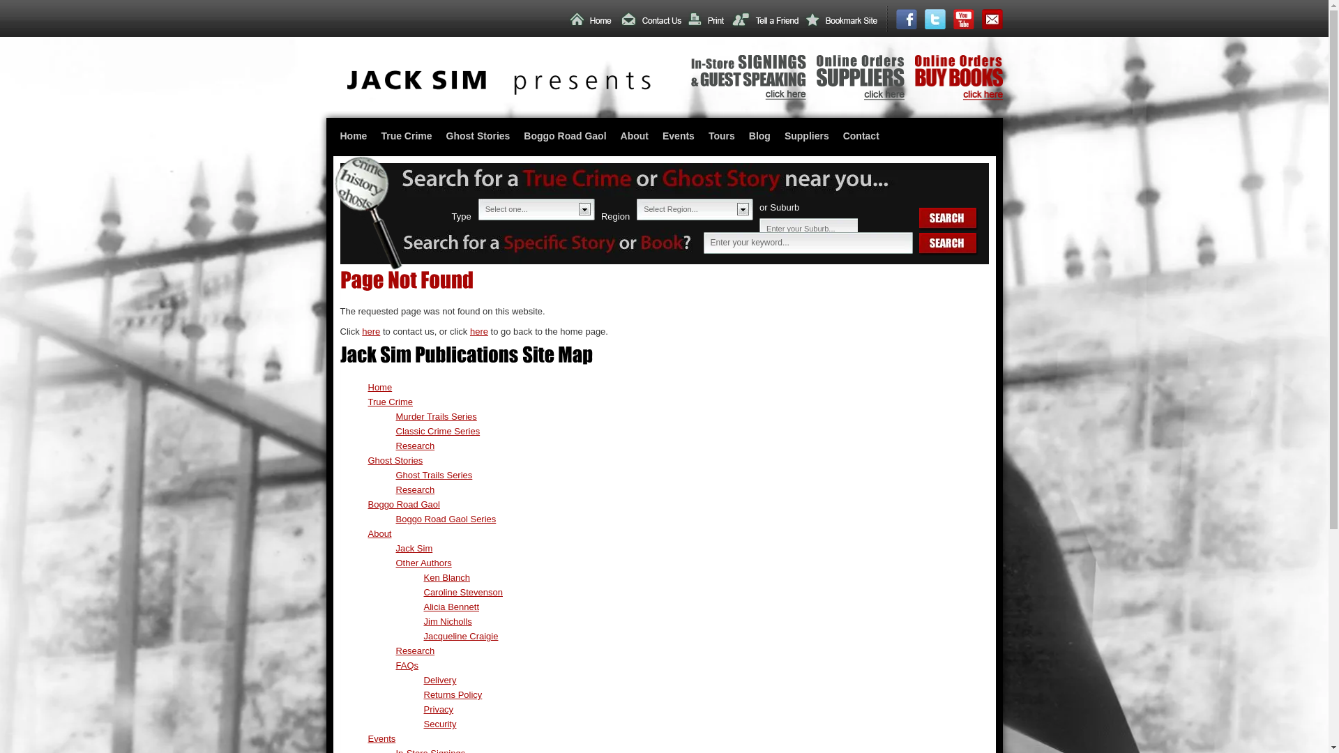 This screenshot has width=1339, height=753. What do you see at coordinates (515, 137) in the screenshot?
I see `'Boggo Road Gaol'` at bounding box center [515, 137].